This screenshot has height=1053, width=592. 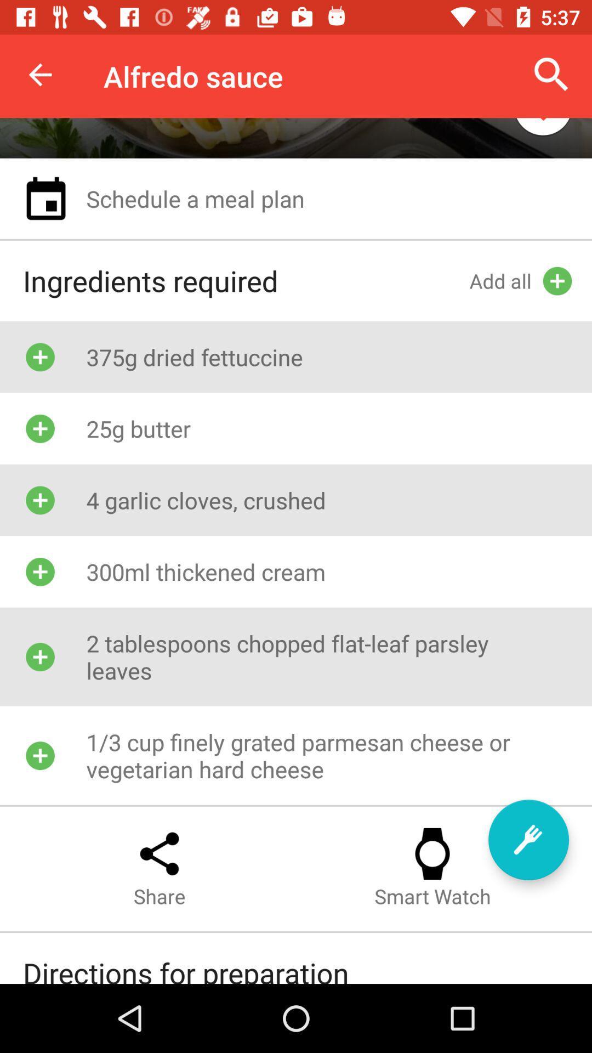 I want to click on icon above the smart watch icon, so click(x=528, y=839).